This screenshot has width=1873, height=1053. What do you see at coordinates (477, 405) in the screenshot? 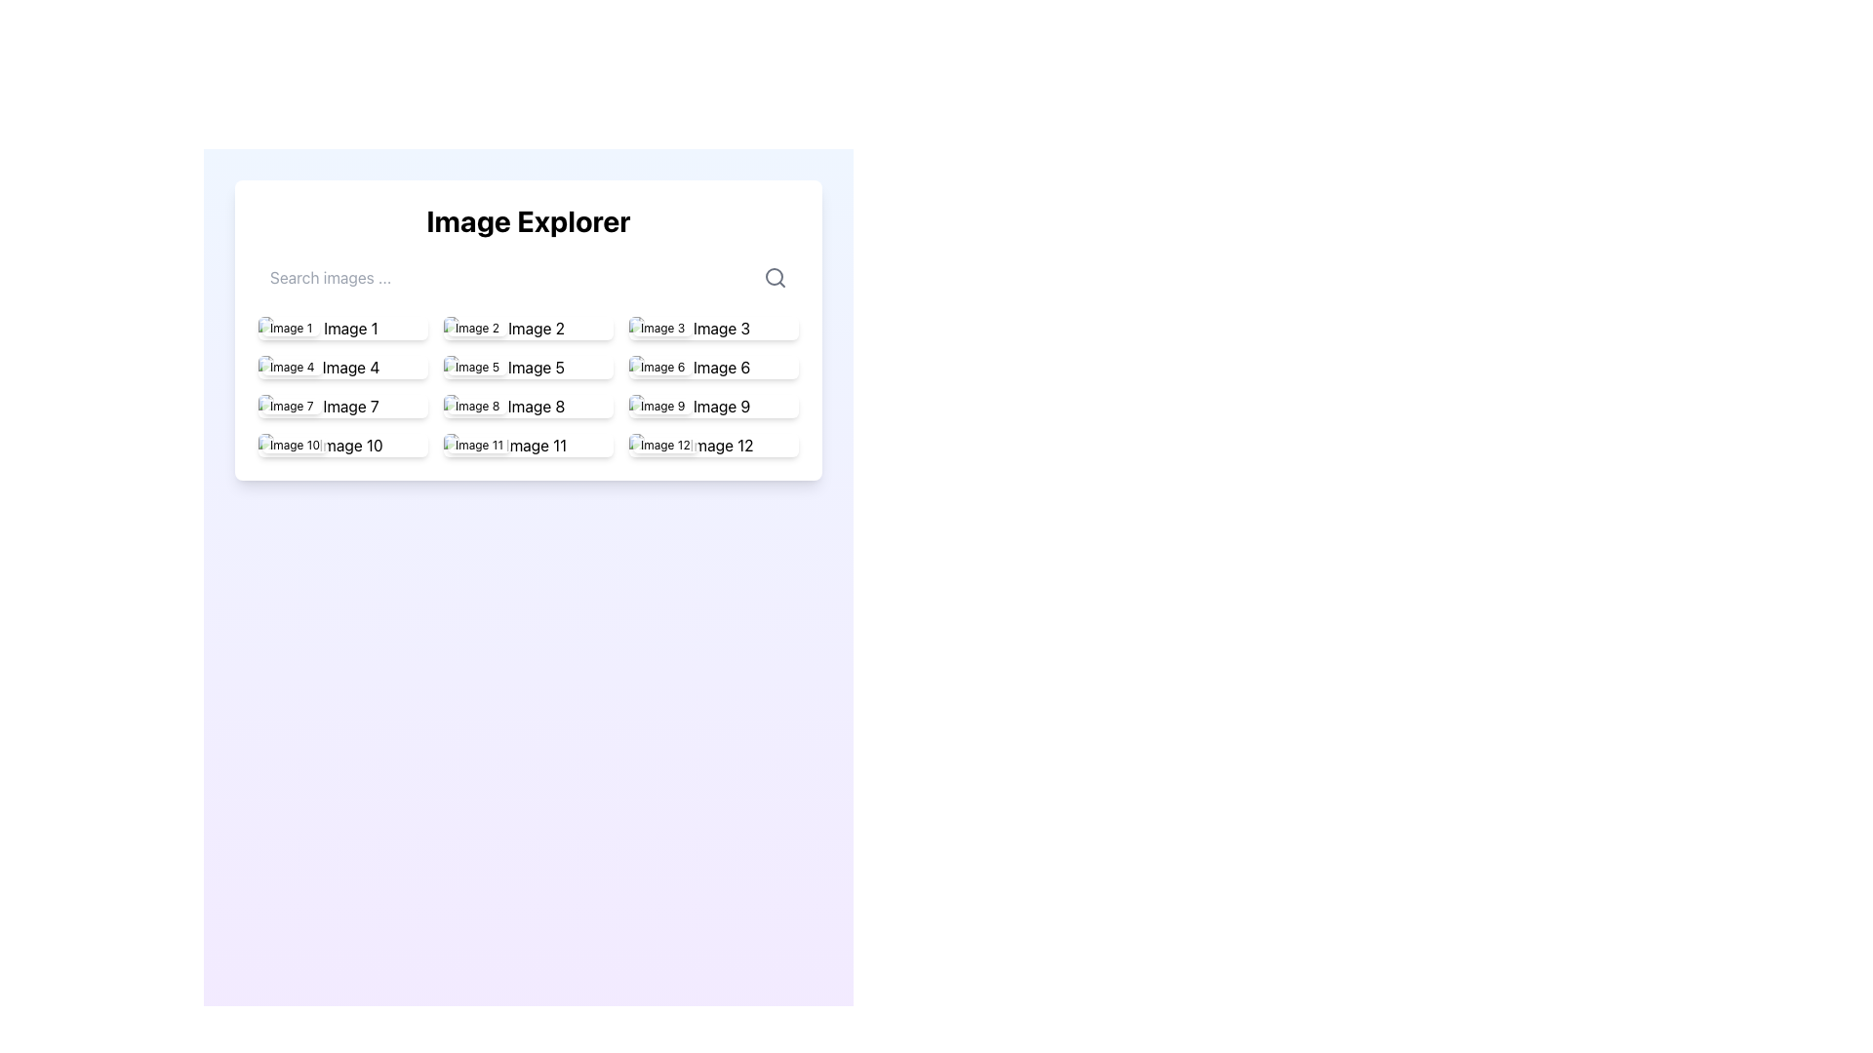
I see `the text label overlay element that displays 'Image 8', which is a small text box with a white background and rounded corners, located in the third row and second column of the image gallery` at bounding box center [477, 405].